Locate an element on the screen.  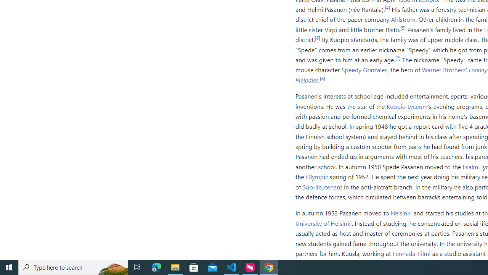
'Helsinki' is located at coordinates (401, 213).